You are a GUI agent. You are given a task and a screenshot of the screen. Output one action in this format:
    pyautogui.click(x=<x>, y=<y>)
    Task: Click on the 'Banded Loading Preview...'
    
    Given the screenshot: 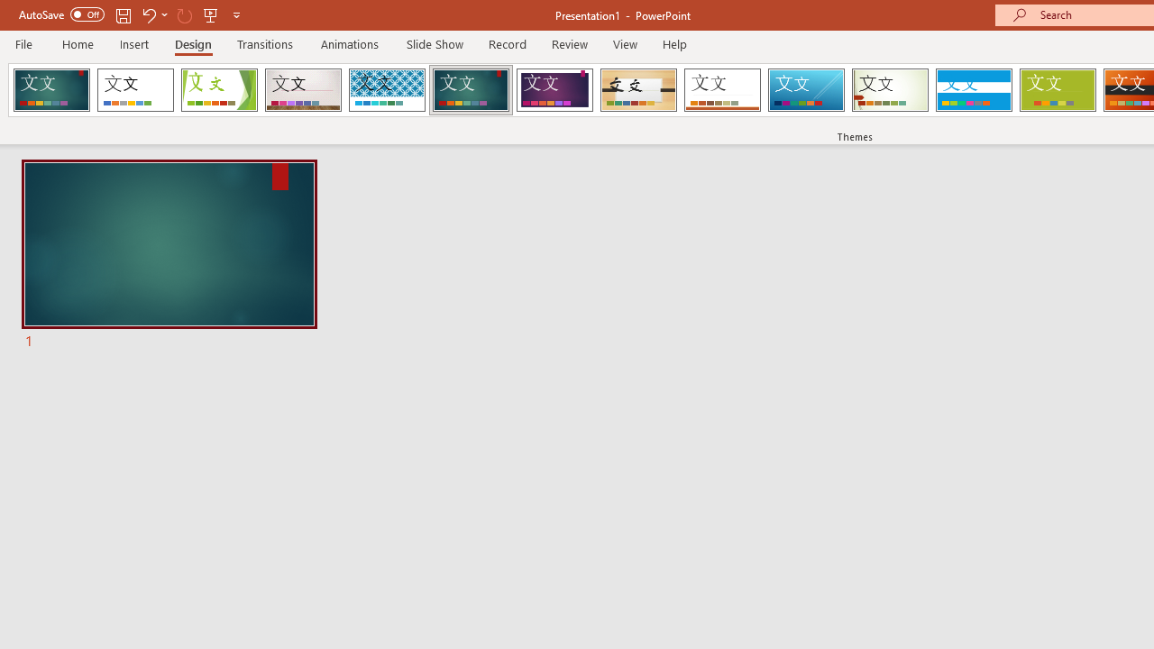 What is the action you would take?
    pyautogui.click(x=973, y=90)
    